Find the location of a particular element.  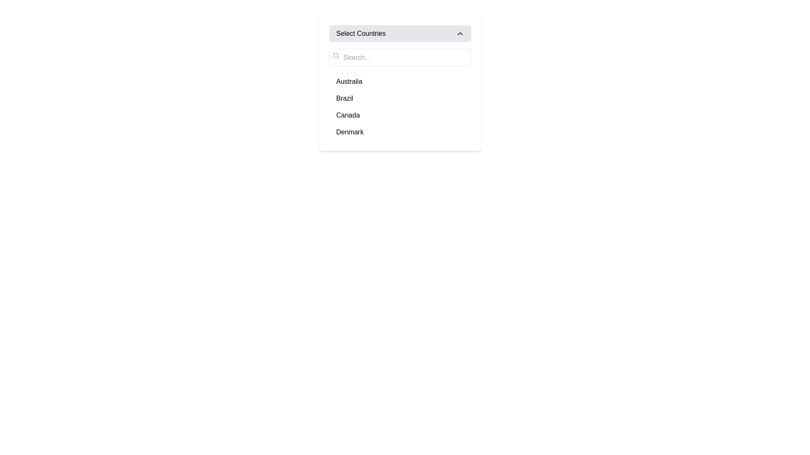

the Decorative SVG Element (Circle) which is part of the search icon located at the left end of the text input field aligned with the placeholder text 'Search...' is located at coordinates (335, 55).